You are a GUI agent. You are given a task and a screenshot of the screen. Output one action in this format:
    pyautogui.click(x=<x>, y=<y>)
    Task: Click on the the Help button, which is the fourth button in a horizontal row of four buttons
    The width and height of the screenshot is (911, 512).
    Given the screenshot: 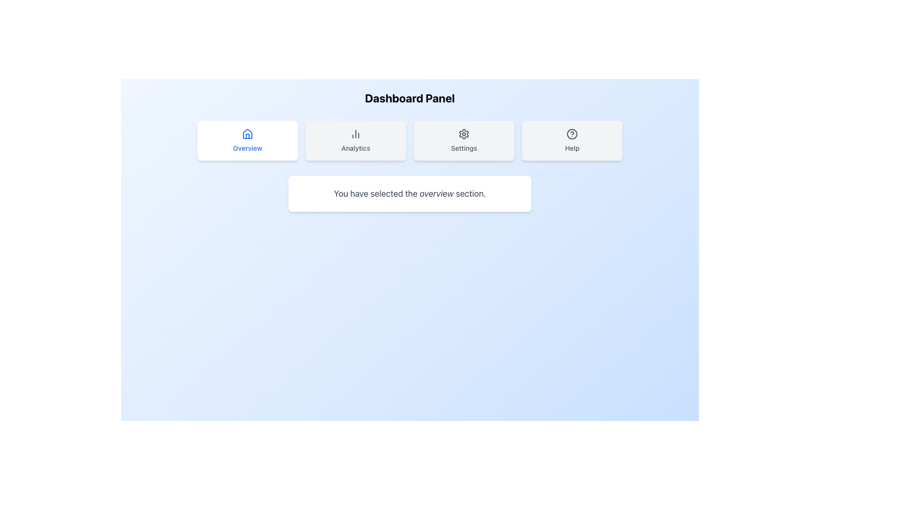 What is the action you would take?
    pyautogui.click(x=571, y=141)
    